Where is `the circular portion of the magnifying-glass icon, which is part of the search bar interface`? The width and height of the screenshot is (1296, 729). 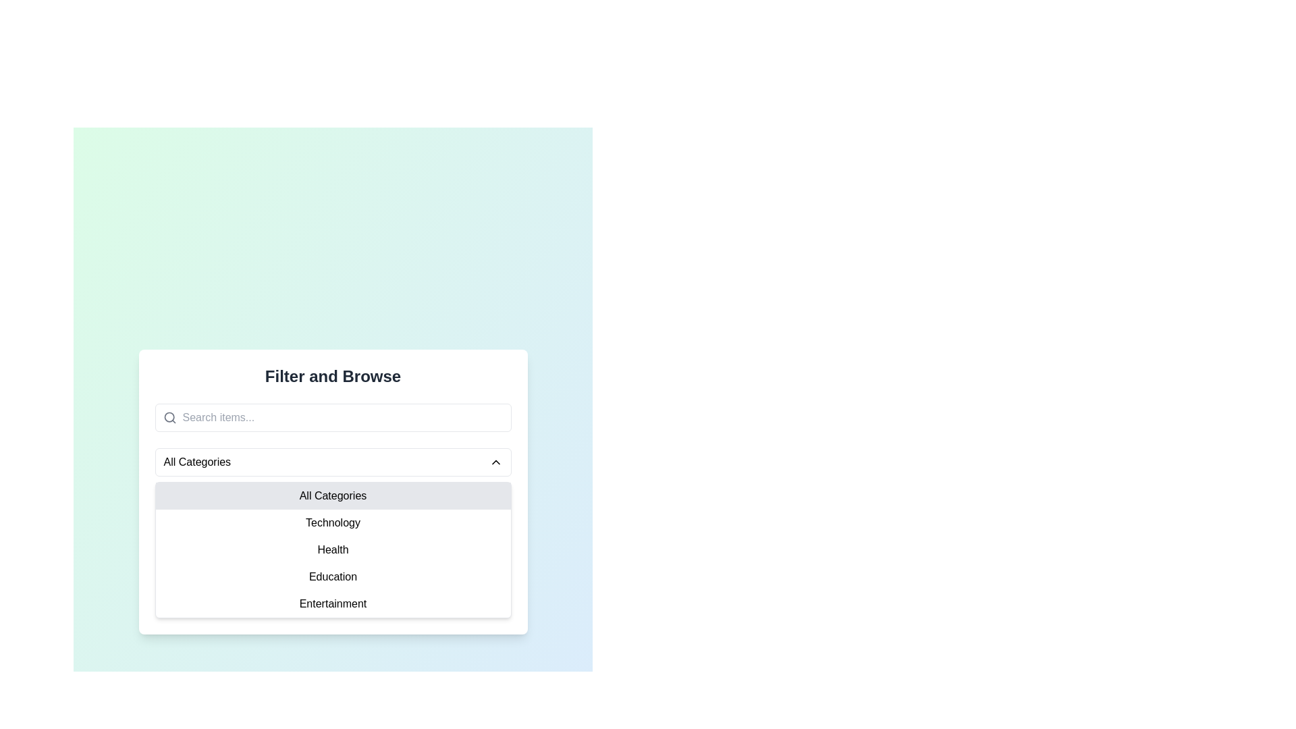 the circular portion of the magnifying-glass icon, which is part of the search bar interface is located at coordinates (168, 416).